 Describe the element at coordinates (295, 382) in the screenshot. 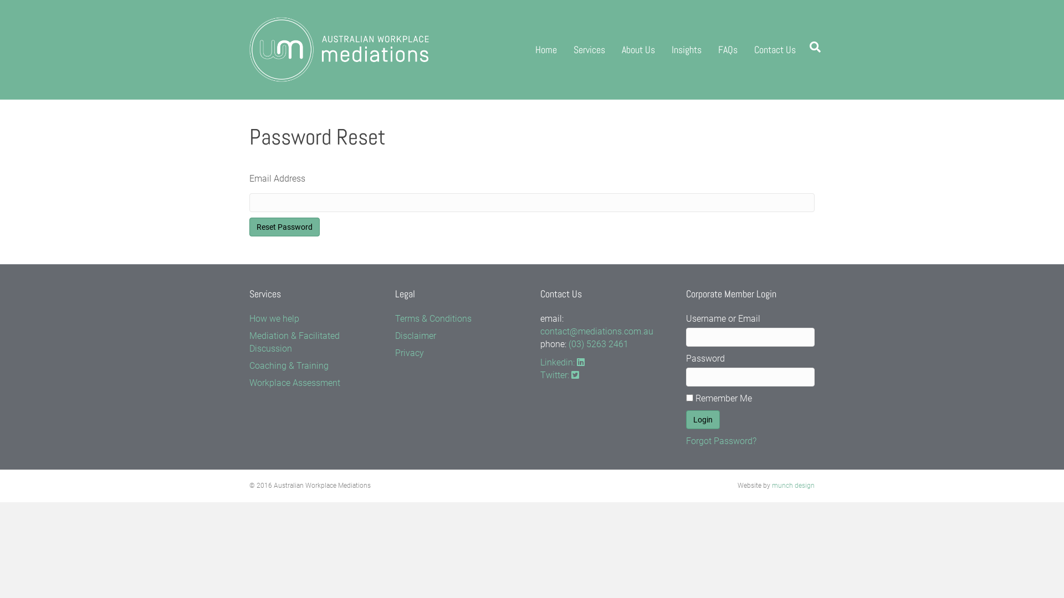

I see `'Workplace Assessment'` at that location.